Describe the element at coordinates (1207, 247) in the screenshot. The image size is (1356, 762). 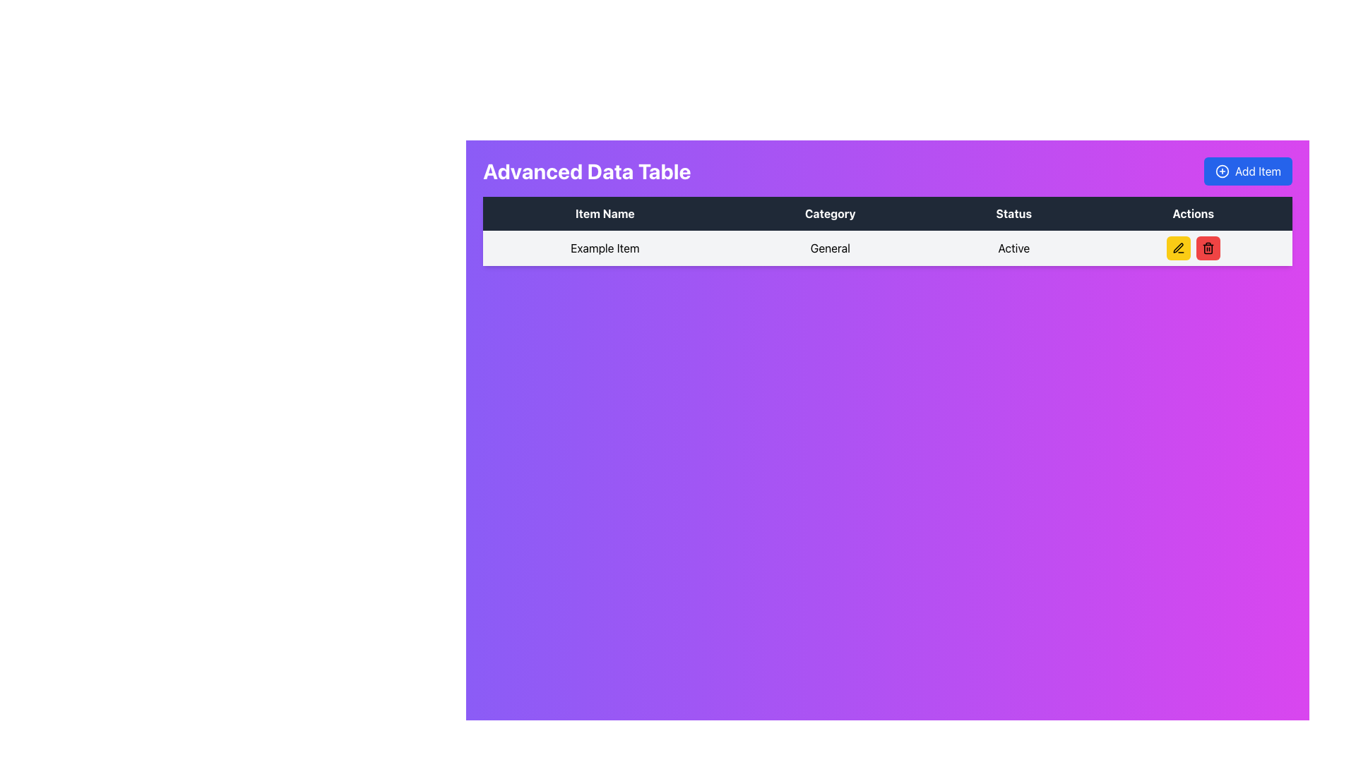
I see `the small trash can icon within the red circular button in the 'Actions' column of the 'Advanced Data Table'` at that location.